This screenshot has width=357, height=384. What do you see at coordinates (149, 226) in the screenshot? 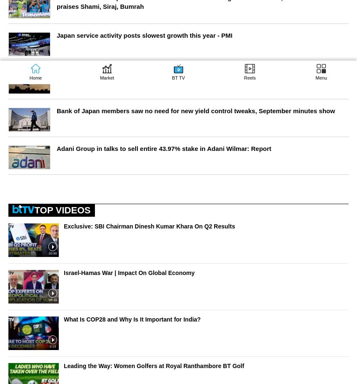
I see `'Exclusive: SBI Chairman Dinesh Kumar Khara On Q2 Results'` at bounding box center [149, 226].